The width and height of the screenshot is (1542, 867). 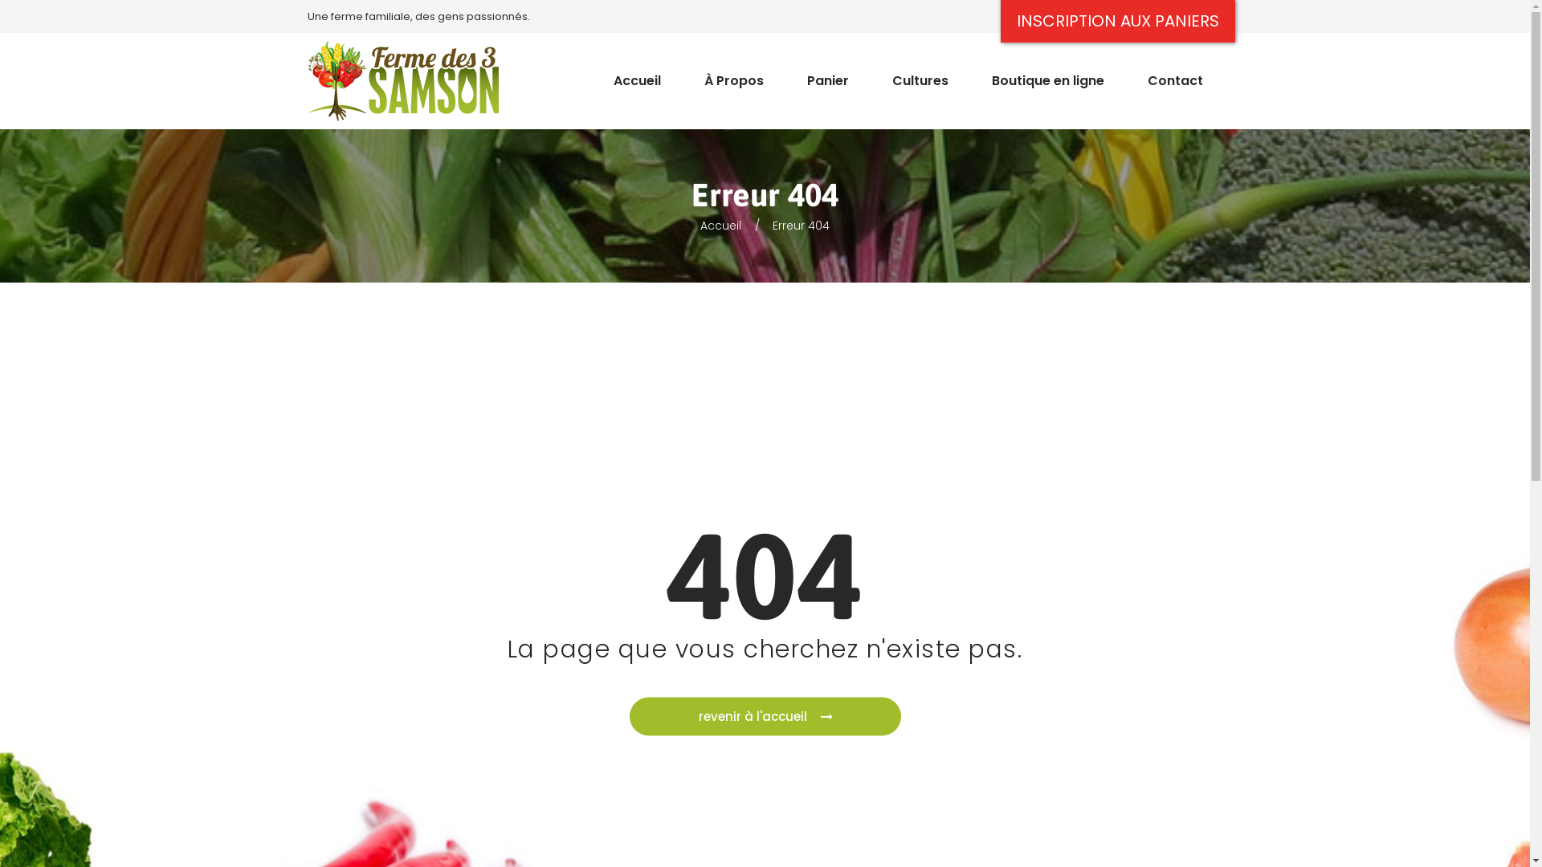 What do you see at coordinates (720, 226) in the screenshot?
I see `'Accueil'` at bounding box center [720, 226].